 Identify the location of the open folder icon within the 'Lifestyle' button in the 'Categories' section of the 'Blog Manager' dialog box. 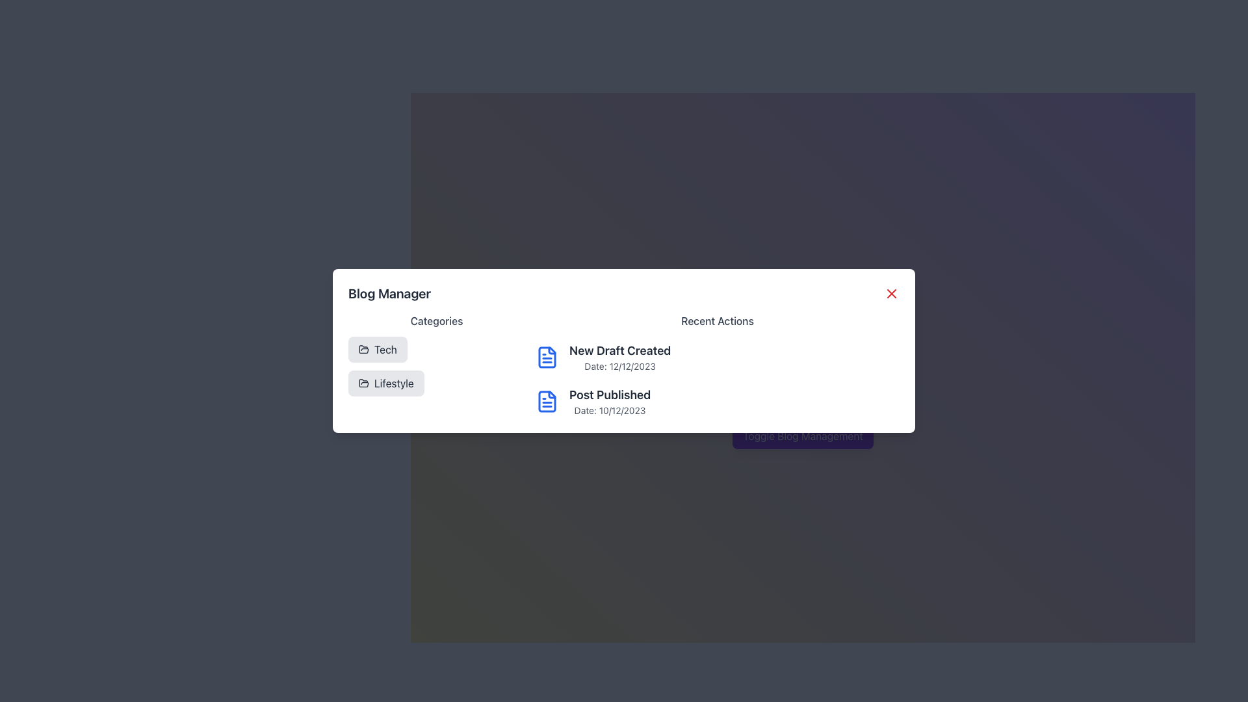
(364, 383).